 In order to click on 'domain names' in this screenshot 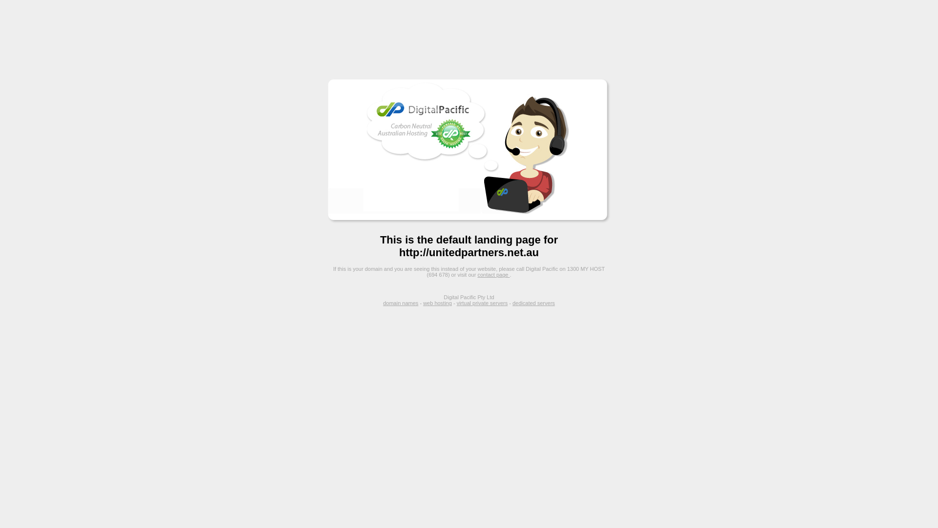, I will do `click(382, 303)`.